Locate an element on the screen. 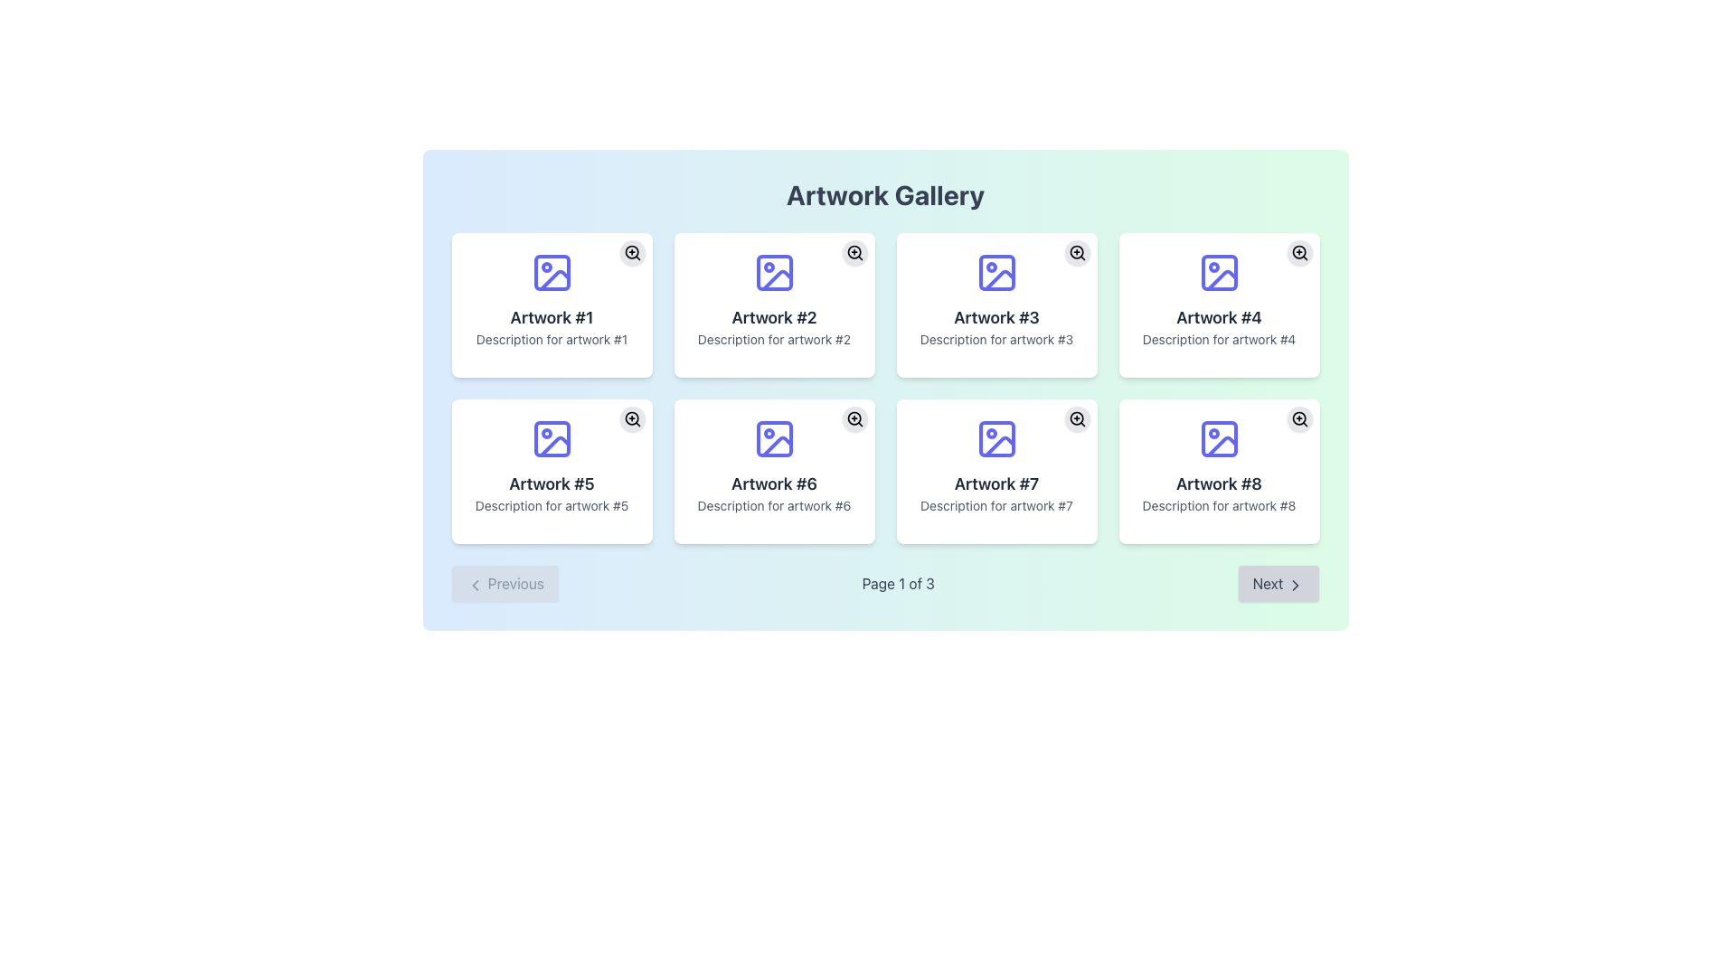 This screenshot has width=1736, height=976. the circular button with a light gray background and a magnifying glass icon located in the top-right corner of the 'Artwork #2' card is located at coordinates (854, 253).